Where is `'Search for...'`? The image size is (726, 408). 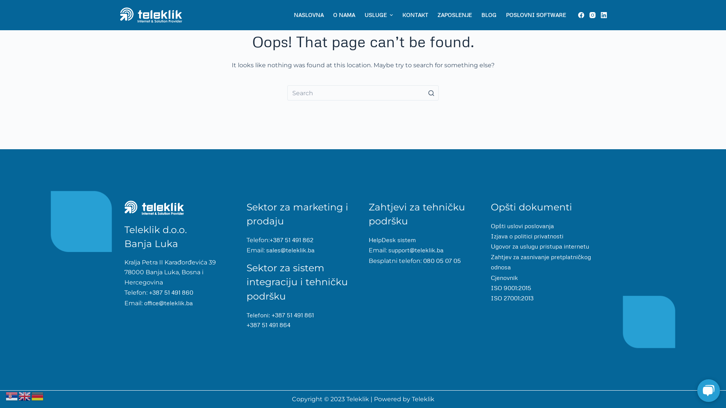 'Search for...' is located at coordinates (363, 93).